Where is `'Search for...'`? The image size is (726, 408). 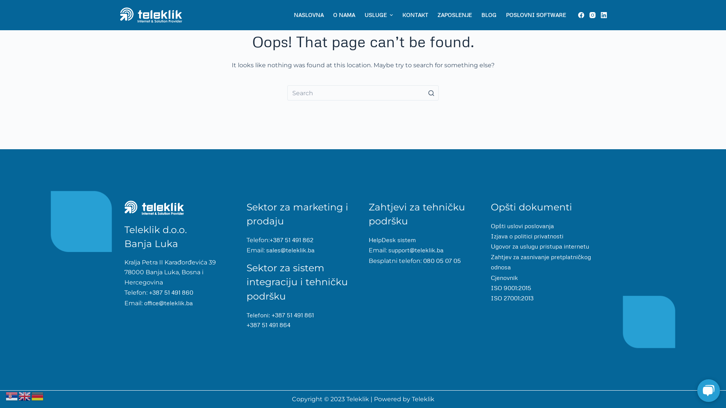 'Search for...' is located at coordinates (363, 93).